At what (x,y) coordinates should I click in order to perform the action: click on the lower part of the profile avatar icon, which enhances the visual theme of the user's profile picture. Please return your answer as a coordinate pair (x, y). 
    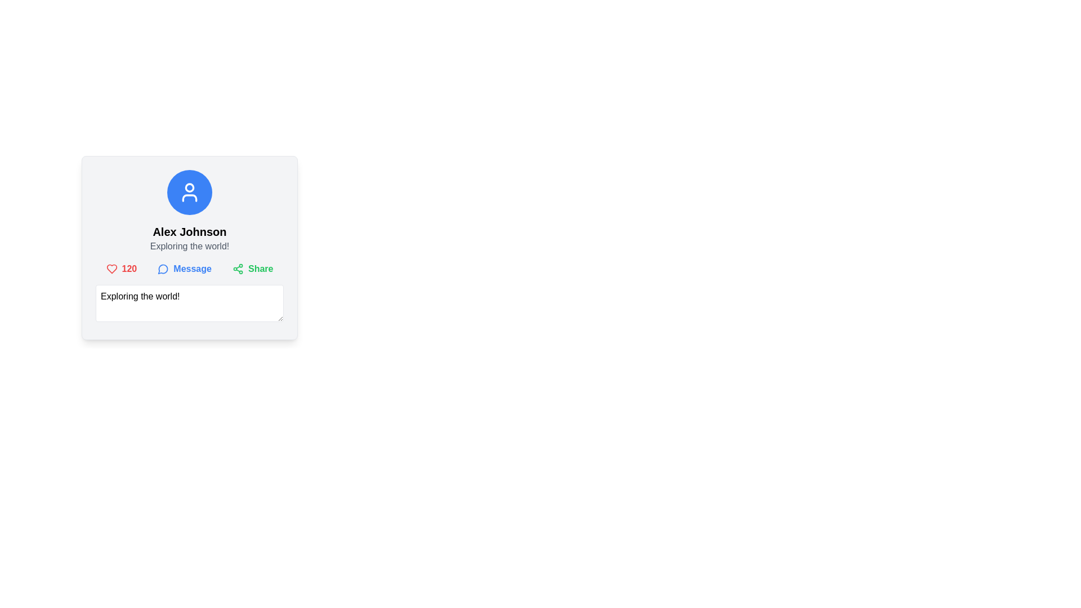
    Looking at the image, I should click on (189, 197).